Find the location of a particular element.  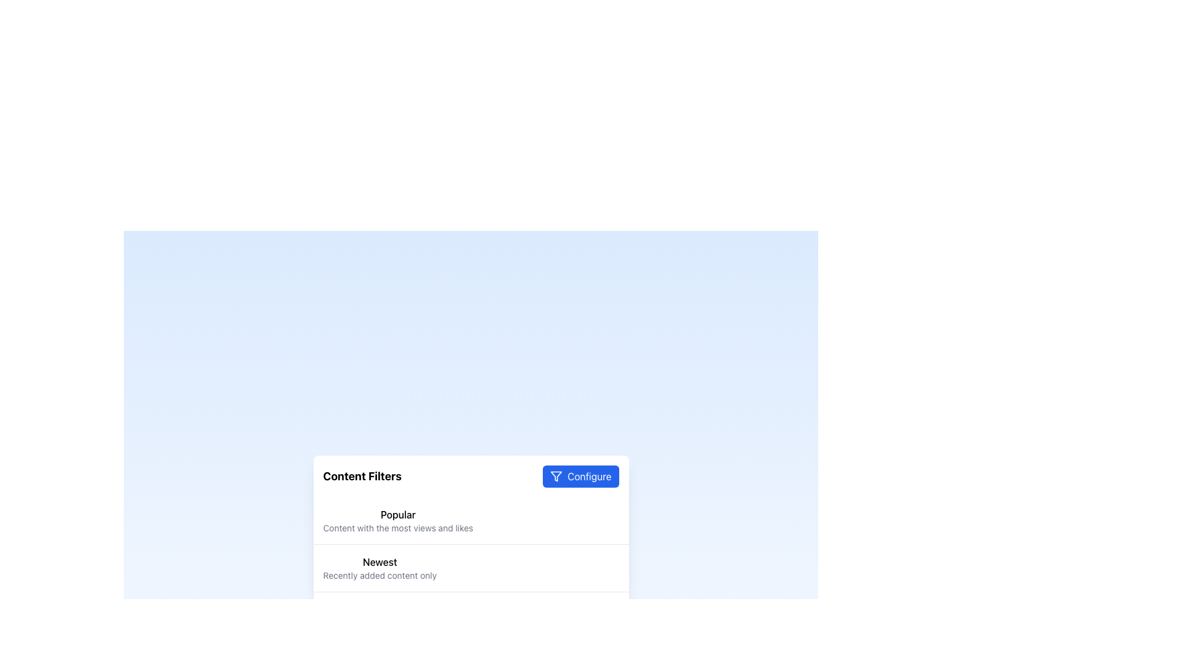

the static text element that reads 'Content with the most views and likes', located beneath the 'Popular' text in the 'Content Filters' section is located at coordinates (398, 527).